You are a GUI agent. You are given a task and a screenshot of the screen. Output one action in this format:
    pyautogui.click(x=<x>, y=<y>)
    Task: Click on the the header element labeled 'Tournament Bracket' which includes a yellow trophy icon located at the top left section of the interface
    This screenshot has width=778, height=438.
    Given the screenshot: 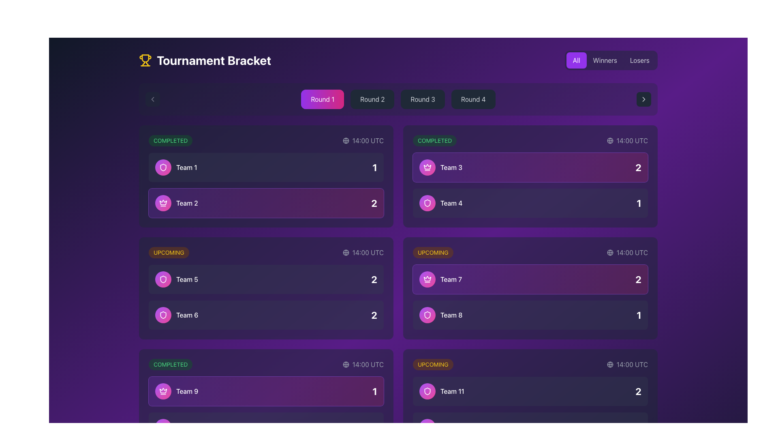 What is the action you would take?
    pyautogui.click(x=205, y=60)
    